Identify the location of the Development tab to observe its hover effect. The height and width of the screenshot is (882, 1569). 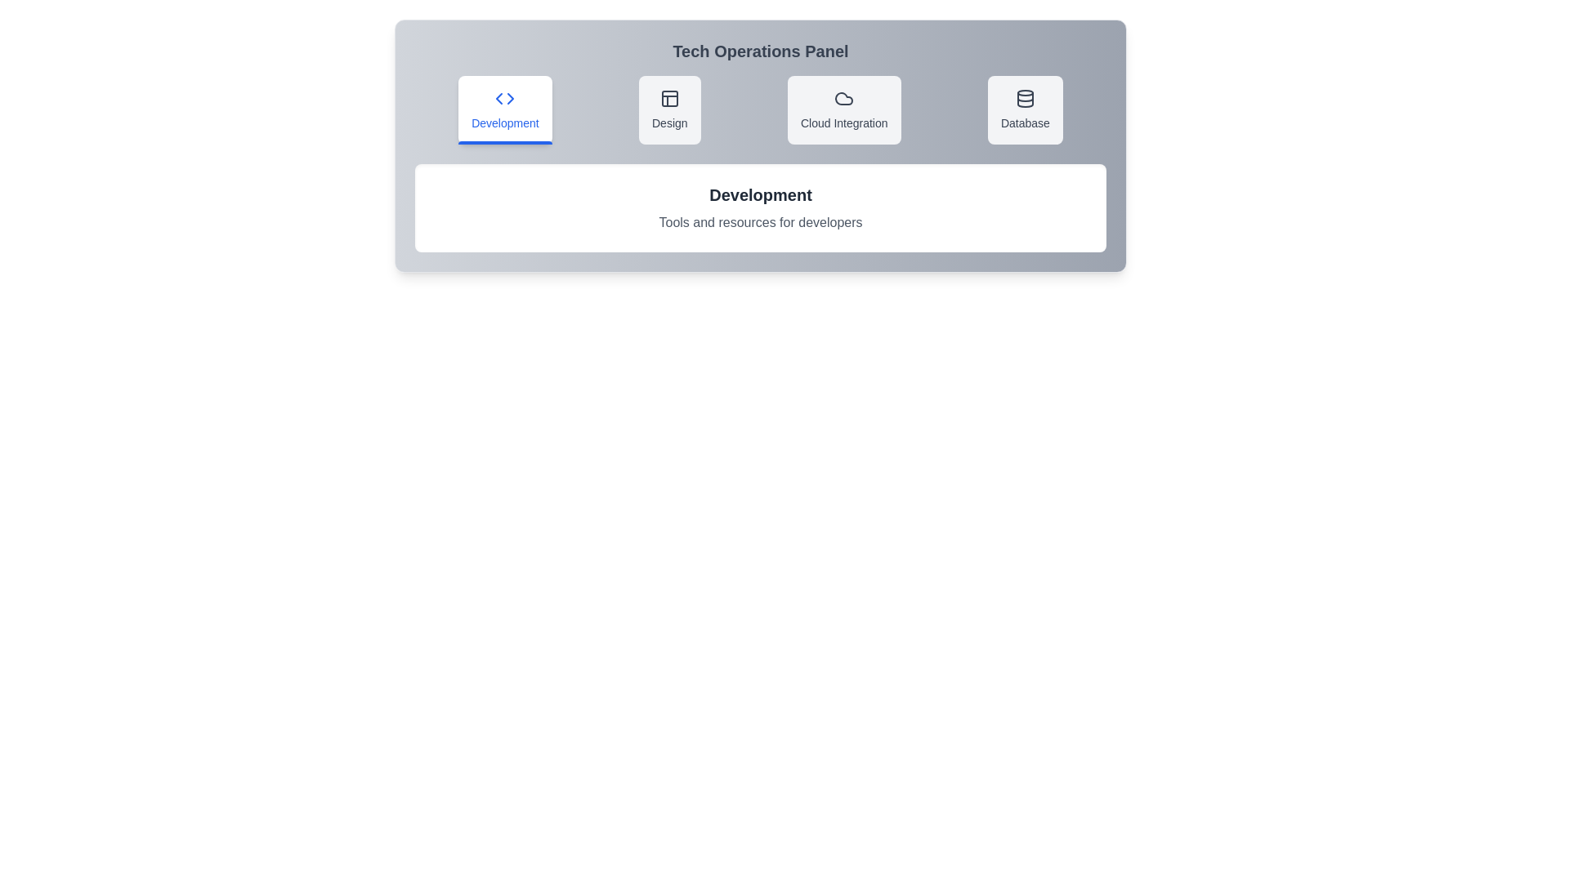
(504, 110).